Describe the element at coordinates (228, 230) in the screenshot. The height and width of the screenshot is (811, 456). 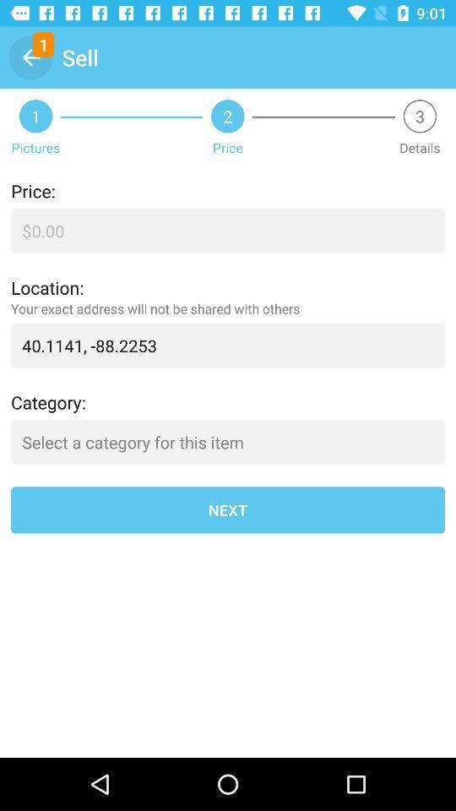
I see `the icon below price: icon` at that location.